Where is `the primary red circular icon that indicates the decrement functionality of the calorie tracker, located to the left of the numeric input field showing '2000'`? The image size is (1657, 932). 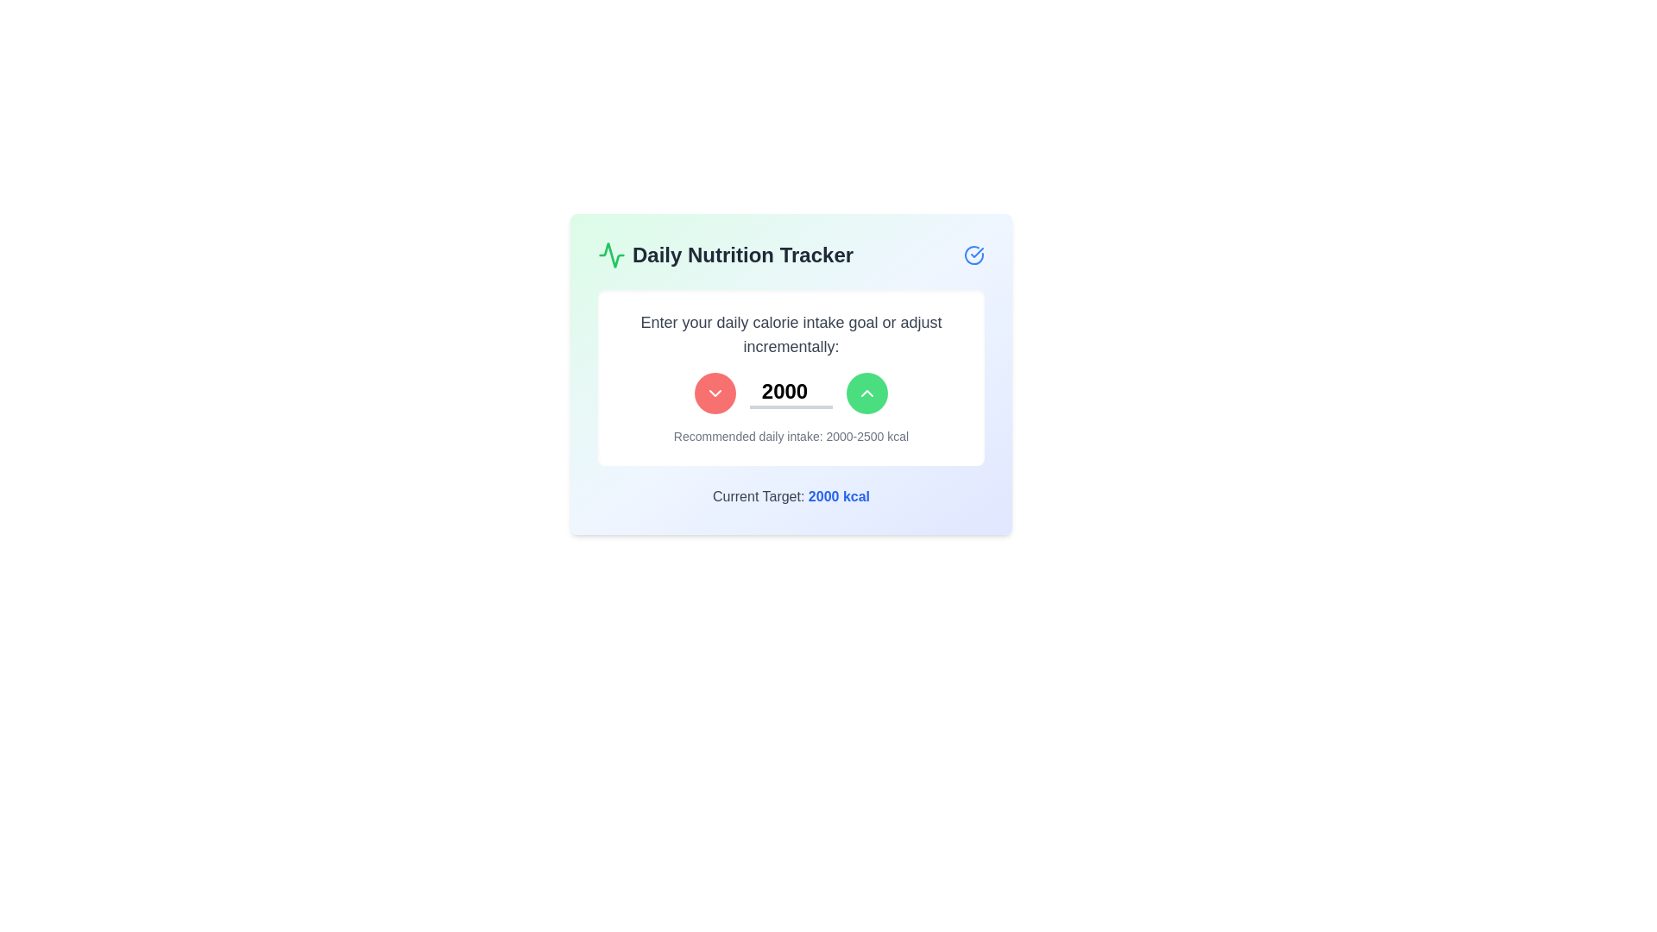 the primary red circular icon that indicates the decrement functionality of the calorie tracker, located to the left of the numeric input field showing '2000' is located at coordinates (715, 393).